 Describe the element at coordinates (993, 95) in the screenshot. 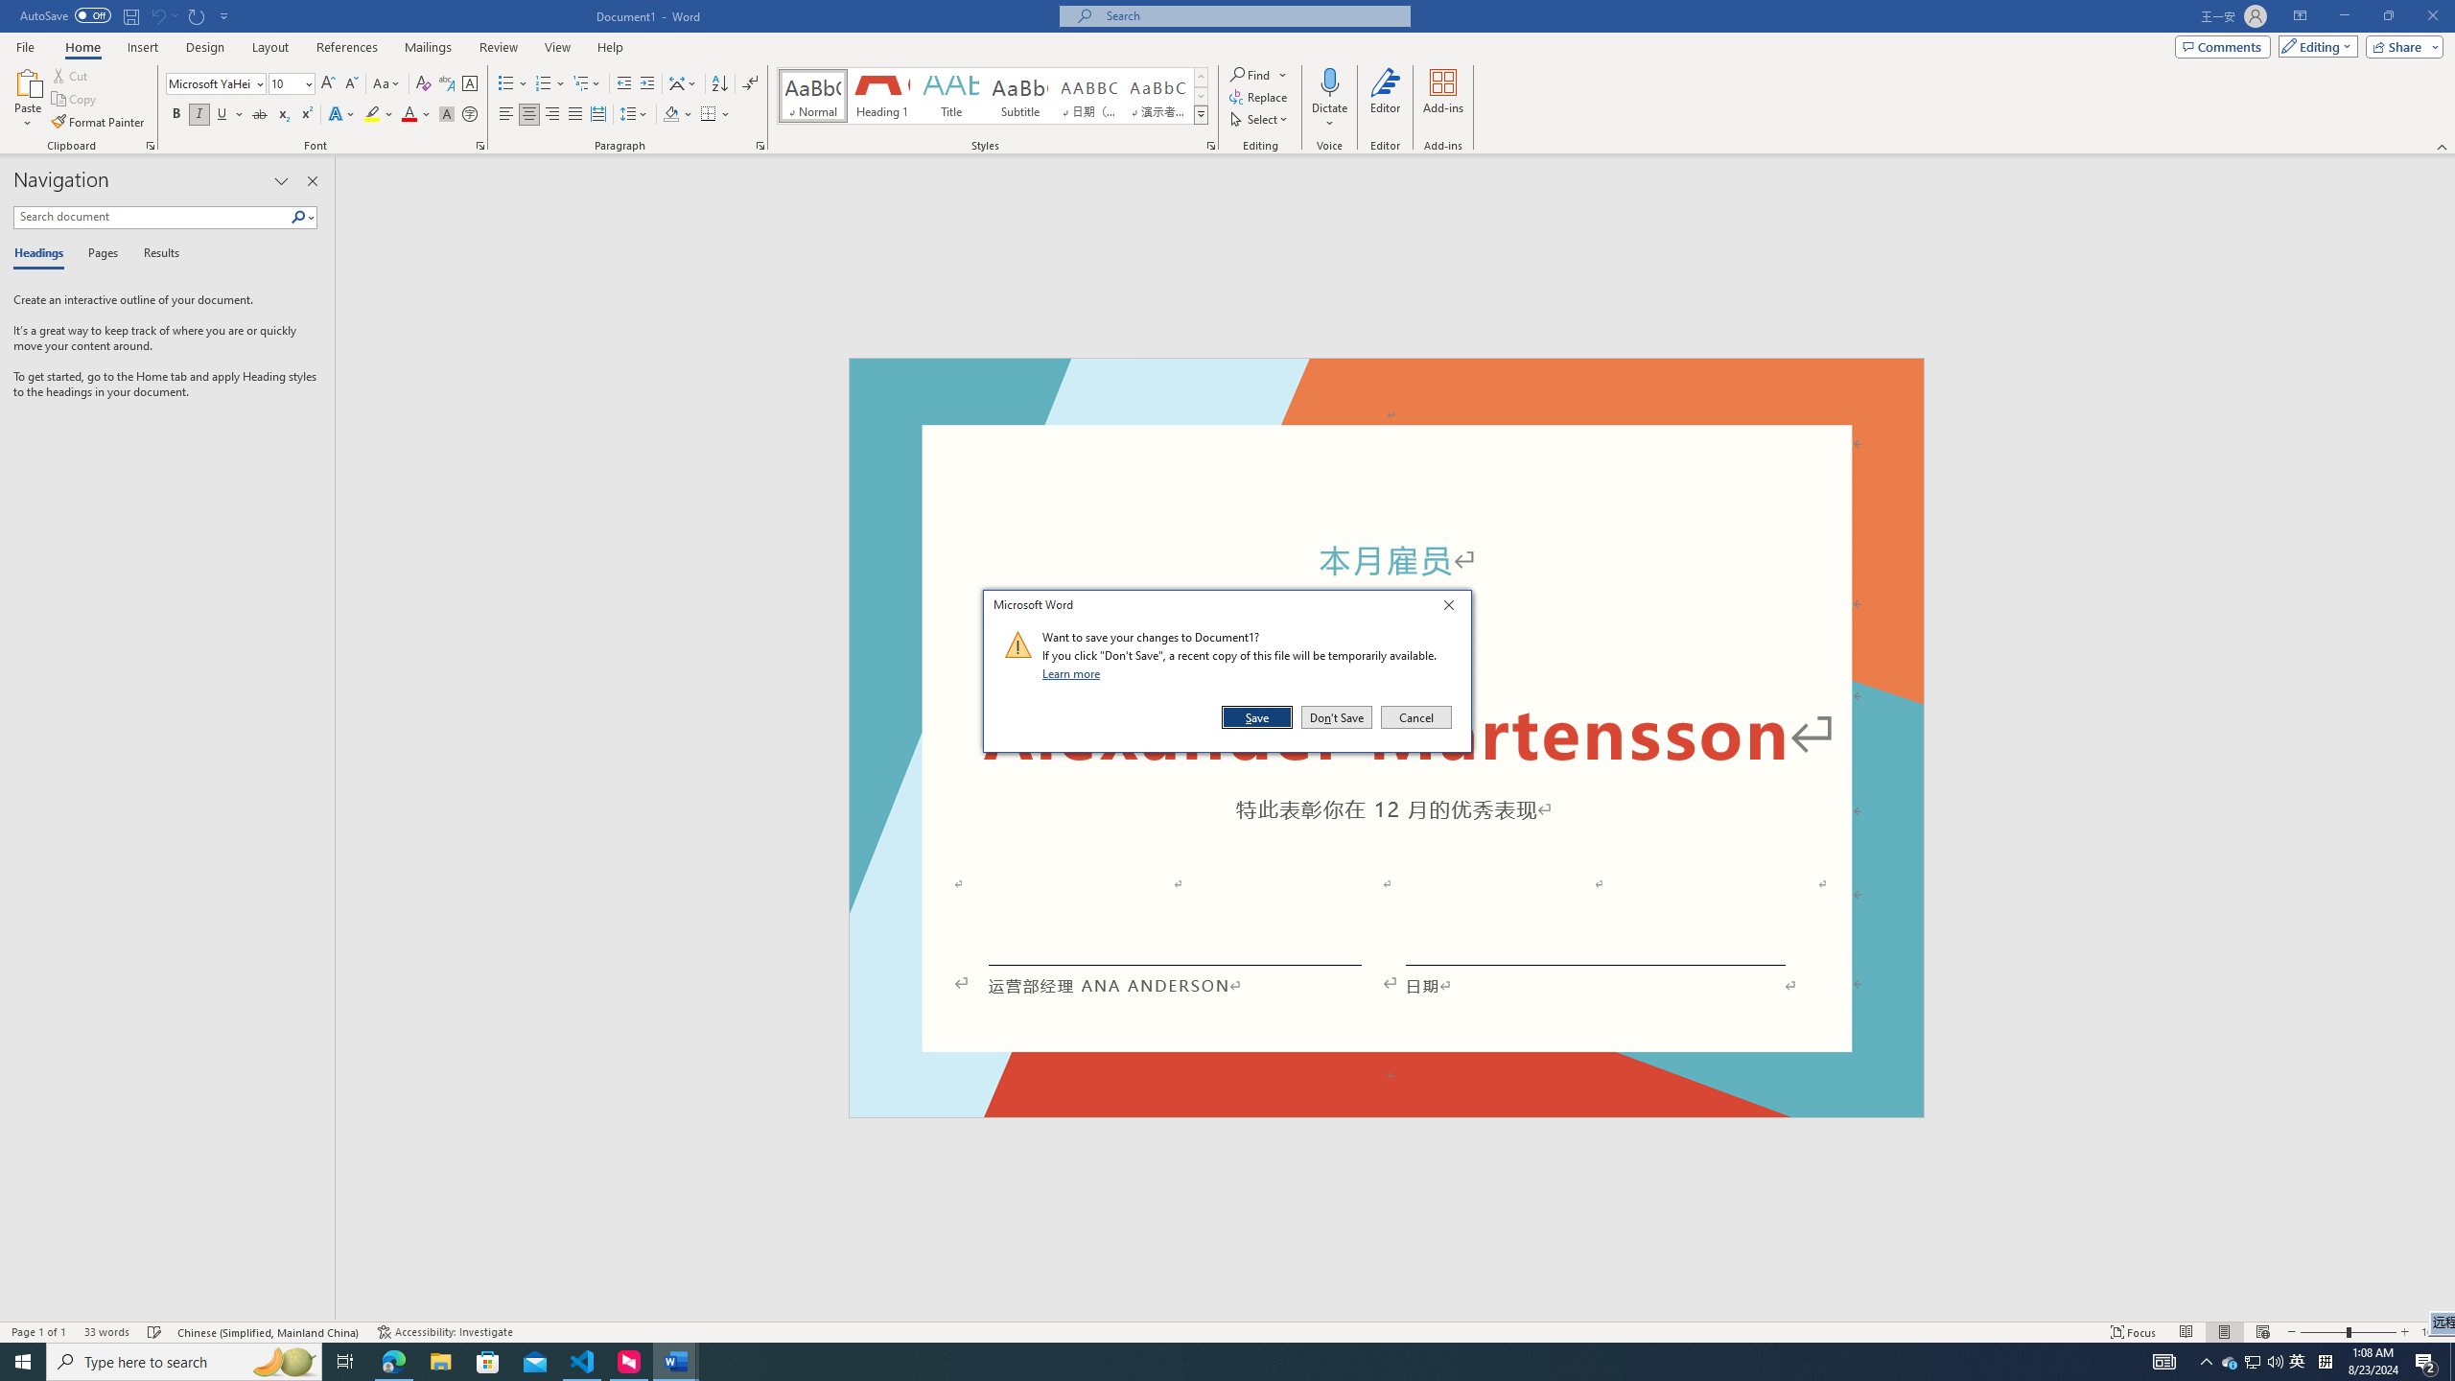

I see `'AutomationID: QuickStylesGallery'` at that location.